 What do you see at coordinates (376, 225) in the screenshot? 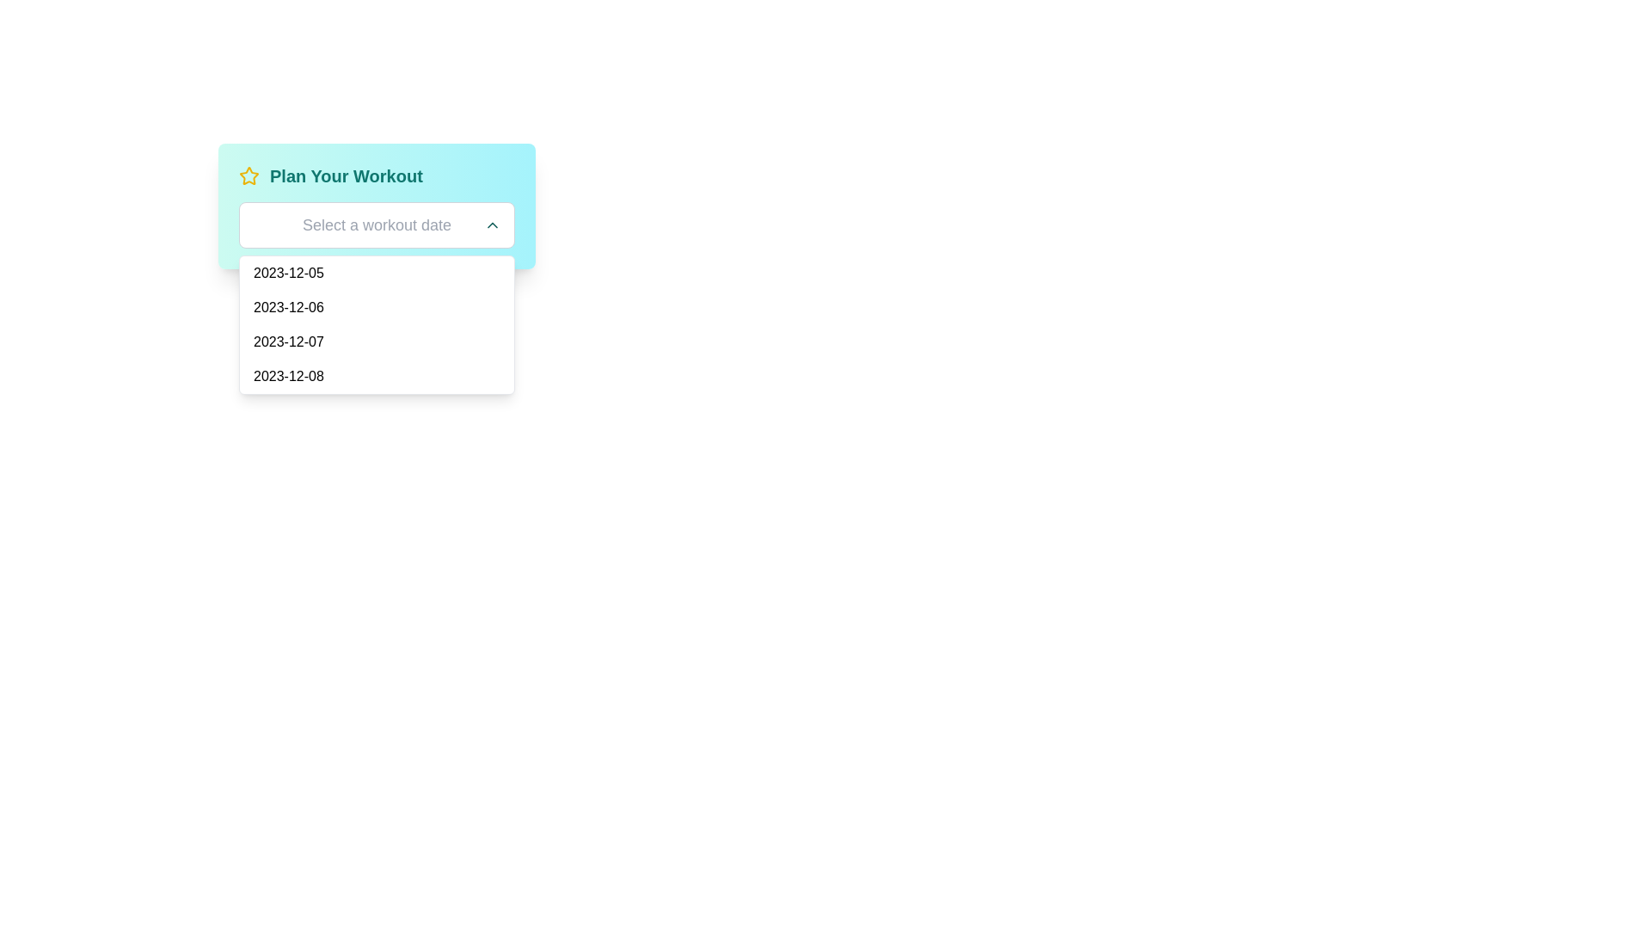
I see `the dropdown input field labeled 'Select a workout date' to focus on it` at bounding box center [376, 225].